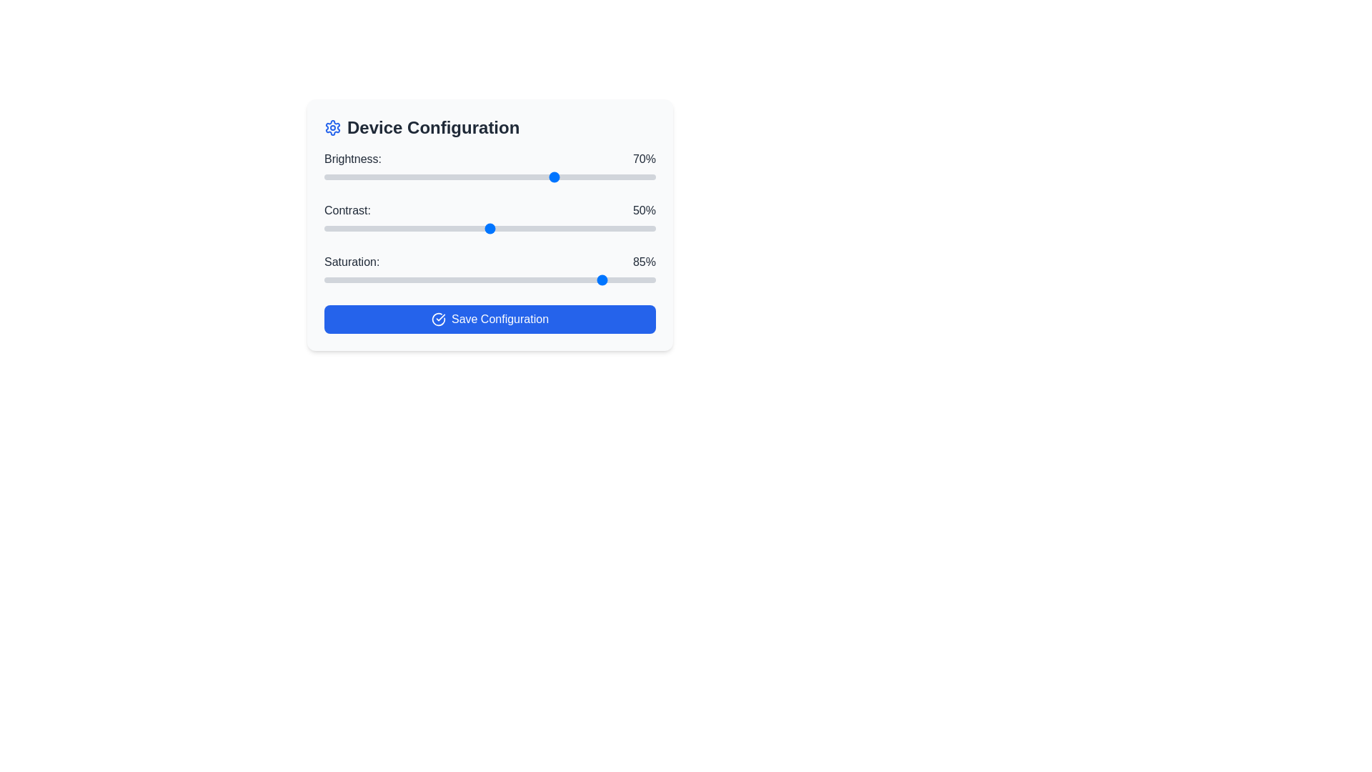 Image resolution: width=1372 pixels, height=772 pixels. Describe the element at coordinates (644, 159) in the screenshot. I see `the Text Label displaying '70%' in bold font within the Brightness settings row of the configuration panel, located at the far right of the row` at that location.